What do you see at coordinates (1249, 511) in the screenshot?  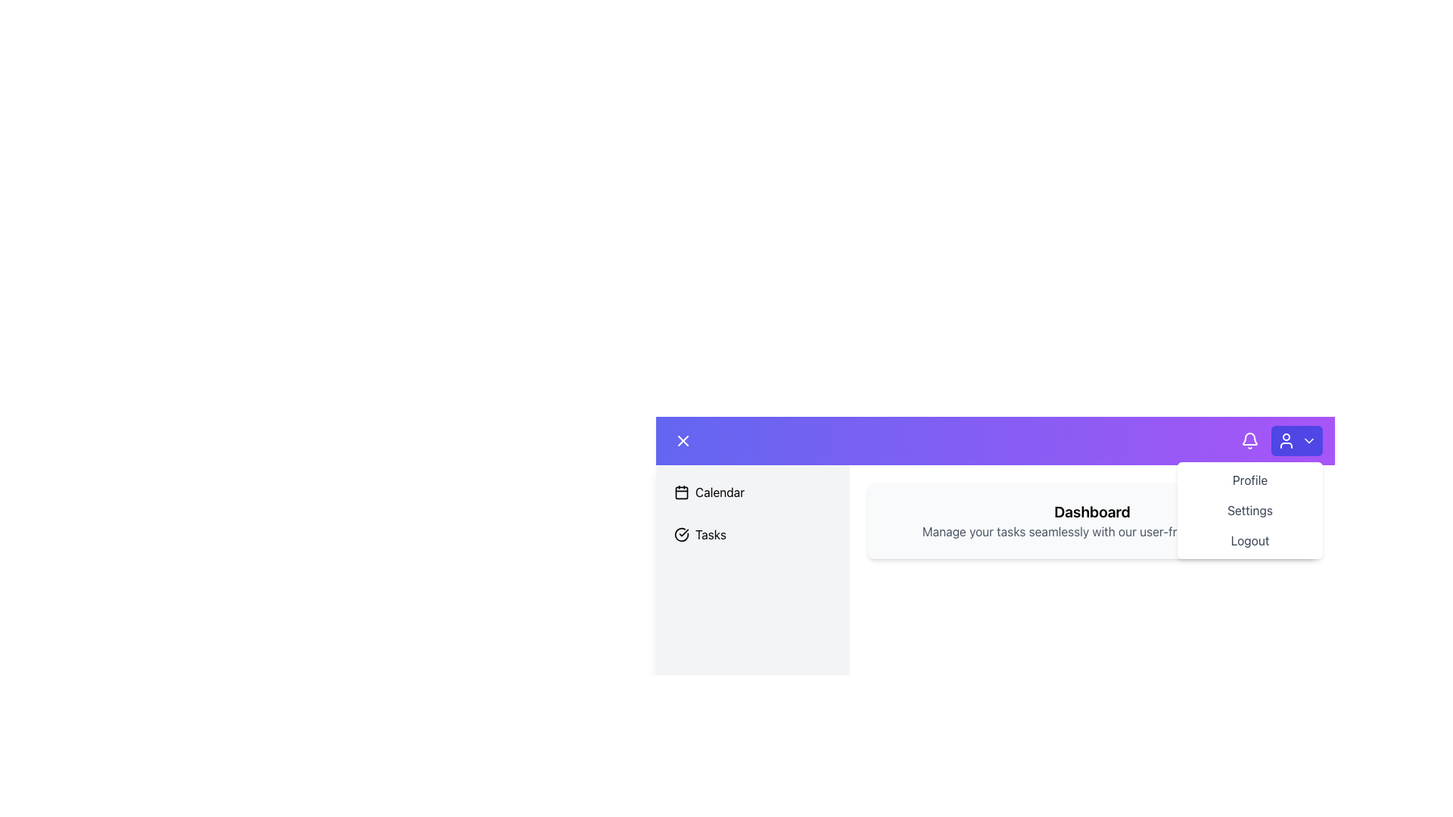 I see `the 'Settings' menu item located in the dropdown menu at the top-right corner of the interface` at bounding box center [1249, 511].